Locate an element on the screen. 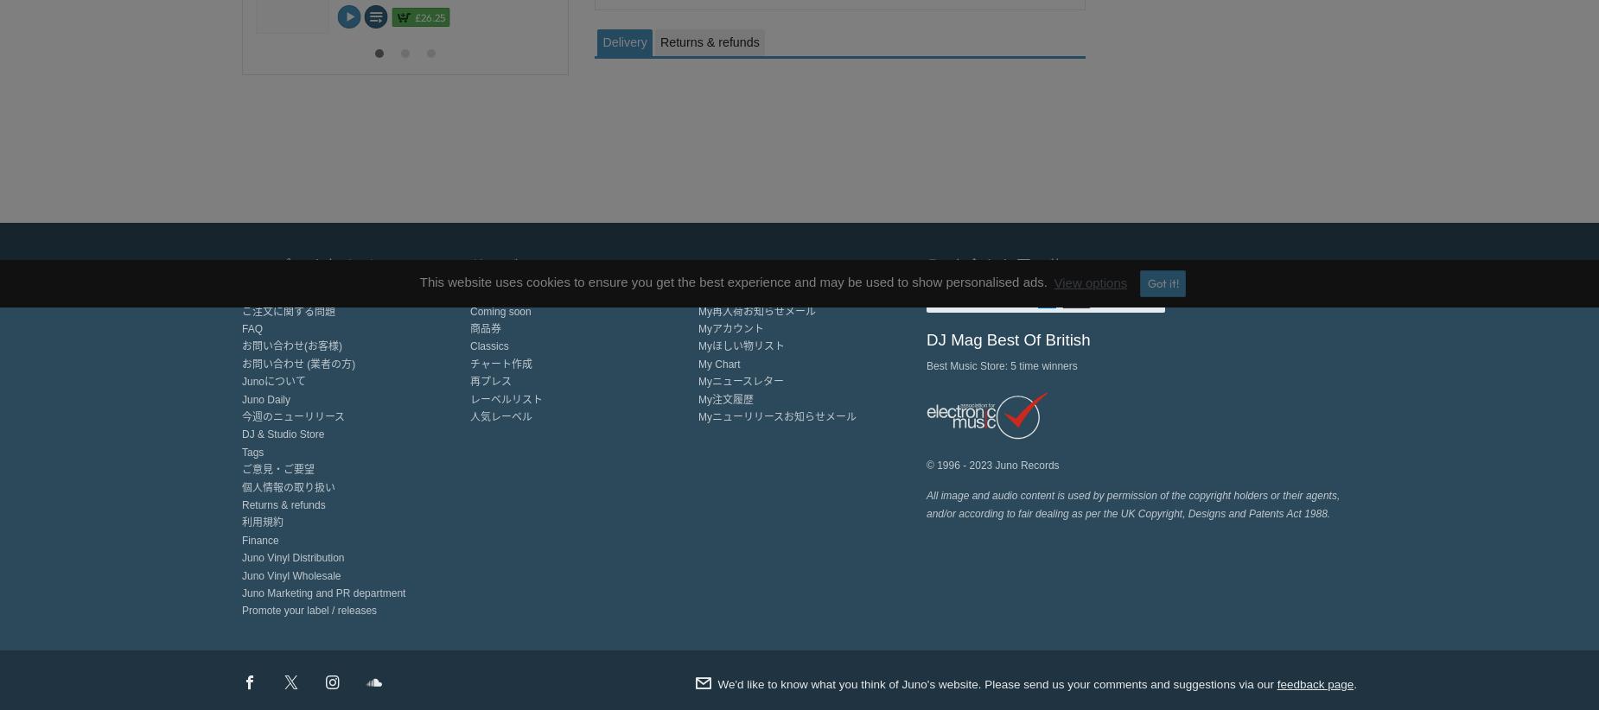  'Myほしい物リスト' is located at coordinates (742, 345).